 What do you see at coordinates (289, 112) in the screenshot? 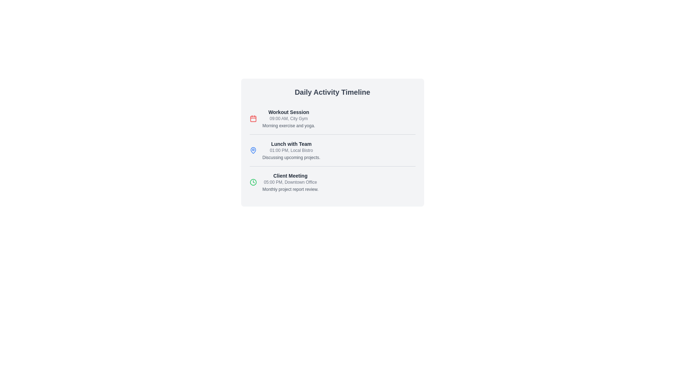
I see `the text label displaying 'Workout Session' in bold, dark-gray font, located at the top of the timeline section` at bounding box center [289, 112].